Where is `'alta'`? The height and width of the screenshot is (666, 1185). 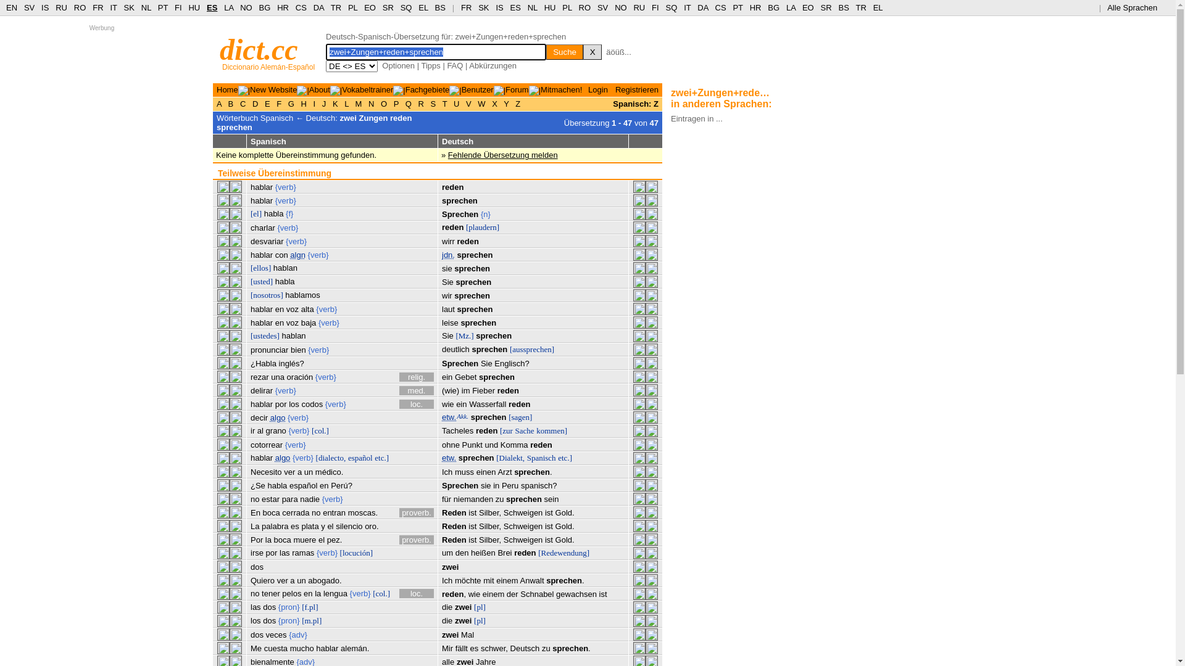
'alta' is located at coordinates (301, 308).